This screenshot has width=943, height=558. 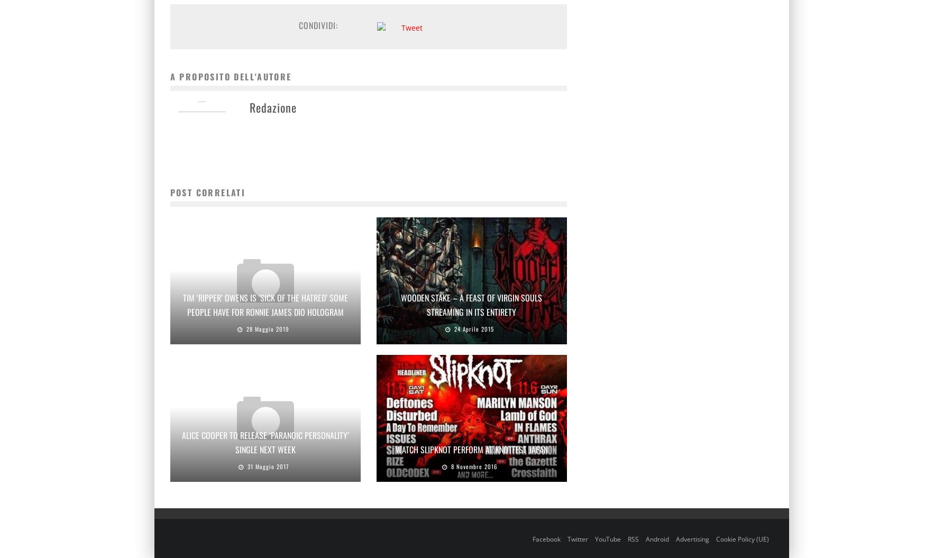 What do you see at coordinates (546, 538) in the screenshot?
I see `'Facebook'` at bounding box center [546, 538].